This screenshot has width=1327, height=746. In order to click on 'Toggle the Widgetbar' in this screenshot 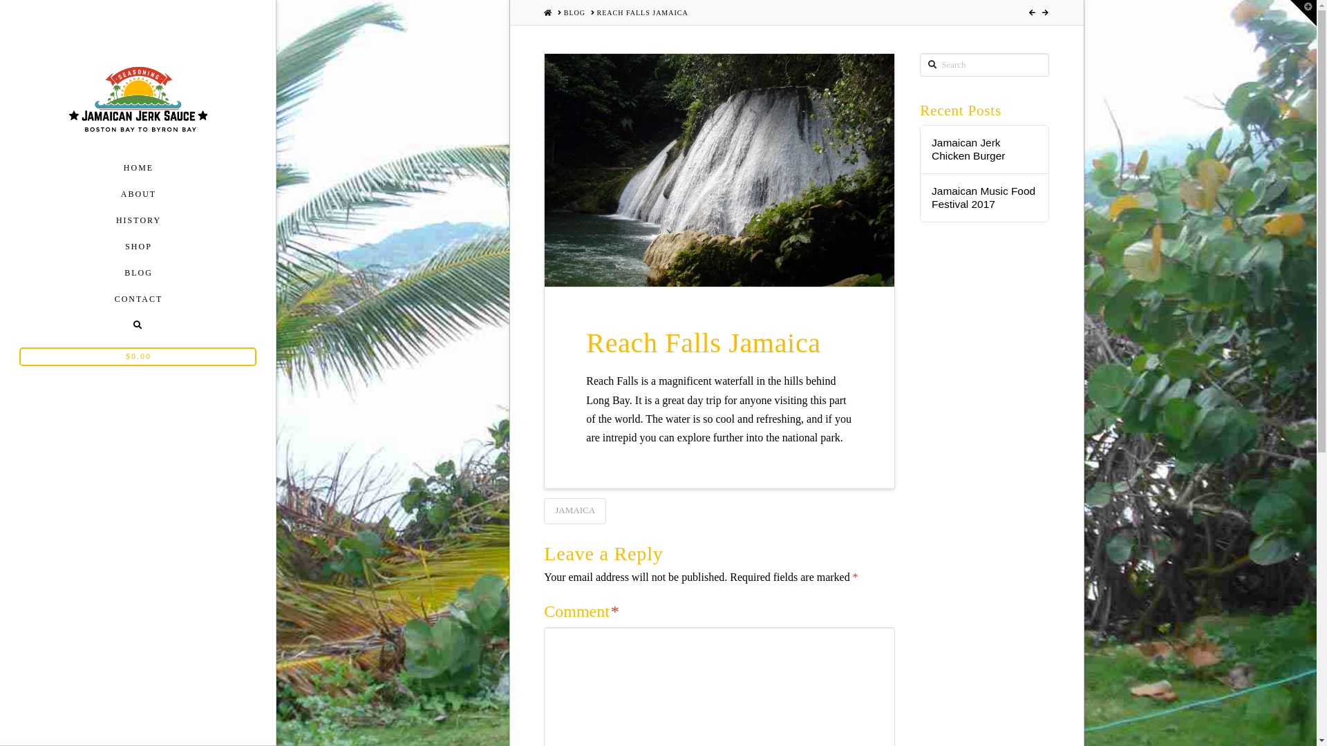, I will do `click(1303, 13)`.